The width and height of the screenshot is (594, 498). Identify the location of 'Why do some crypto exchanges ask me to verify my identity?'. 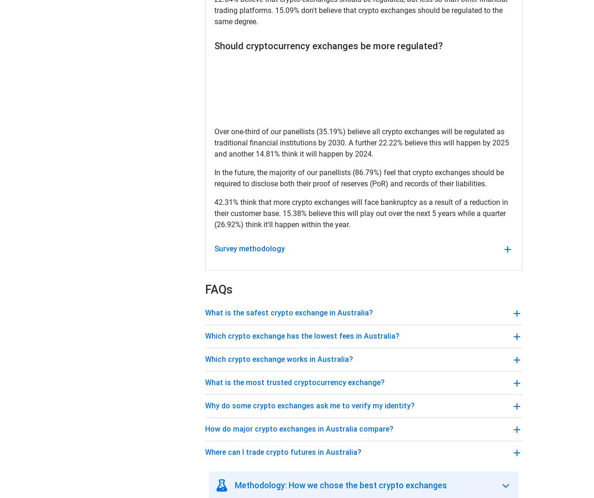
(310, 406).